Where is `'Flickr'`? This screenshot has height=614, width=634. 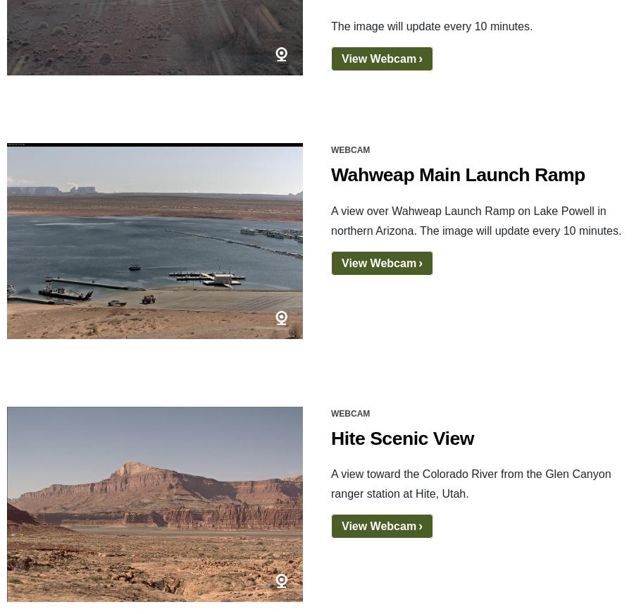
'Flickr' is located at coordinates (280, 472).